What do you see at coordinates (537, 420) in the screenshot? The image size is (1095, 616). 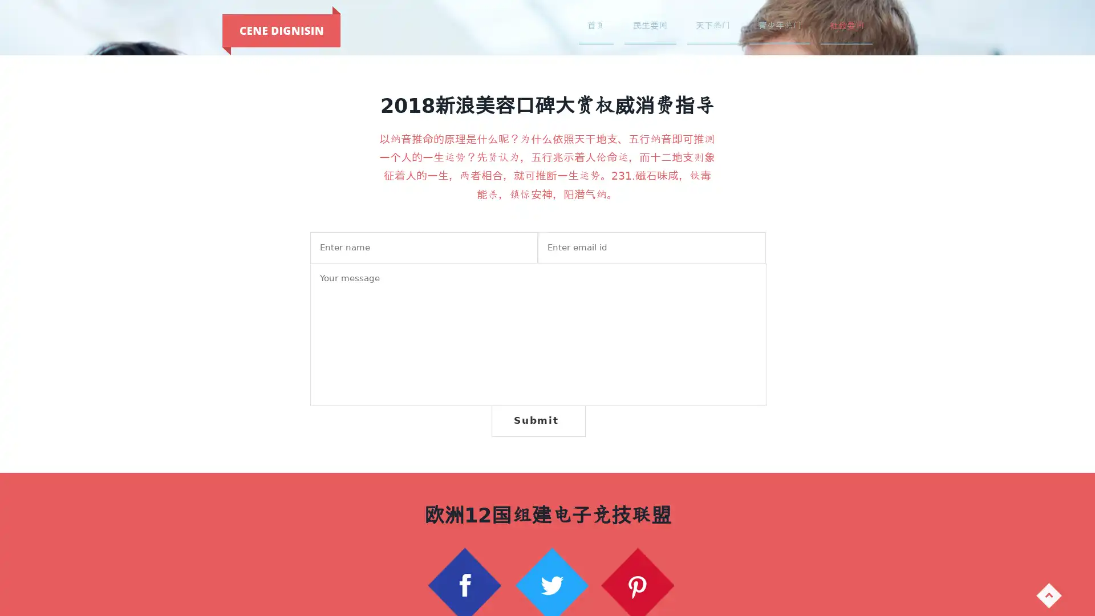 I see `Submit` at bounding box center [537, 420].